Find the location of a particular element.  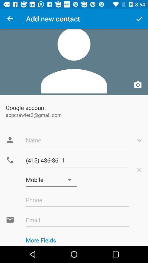

the icon right to the text name is located at coordinates (139, 140).